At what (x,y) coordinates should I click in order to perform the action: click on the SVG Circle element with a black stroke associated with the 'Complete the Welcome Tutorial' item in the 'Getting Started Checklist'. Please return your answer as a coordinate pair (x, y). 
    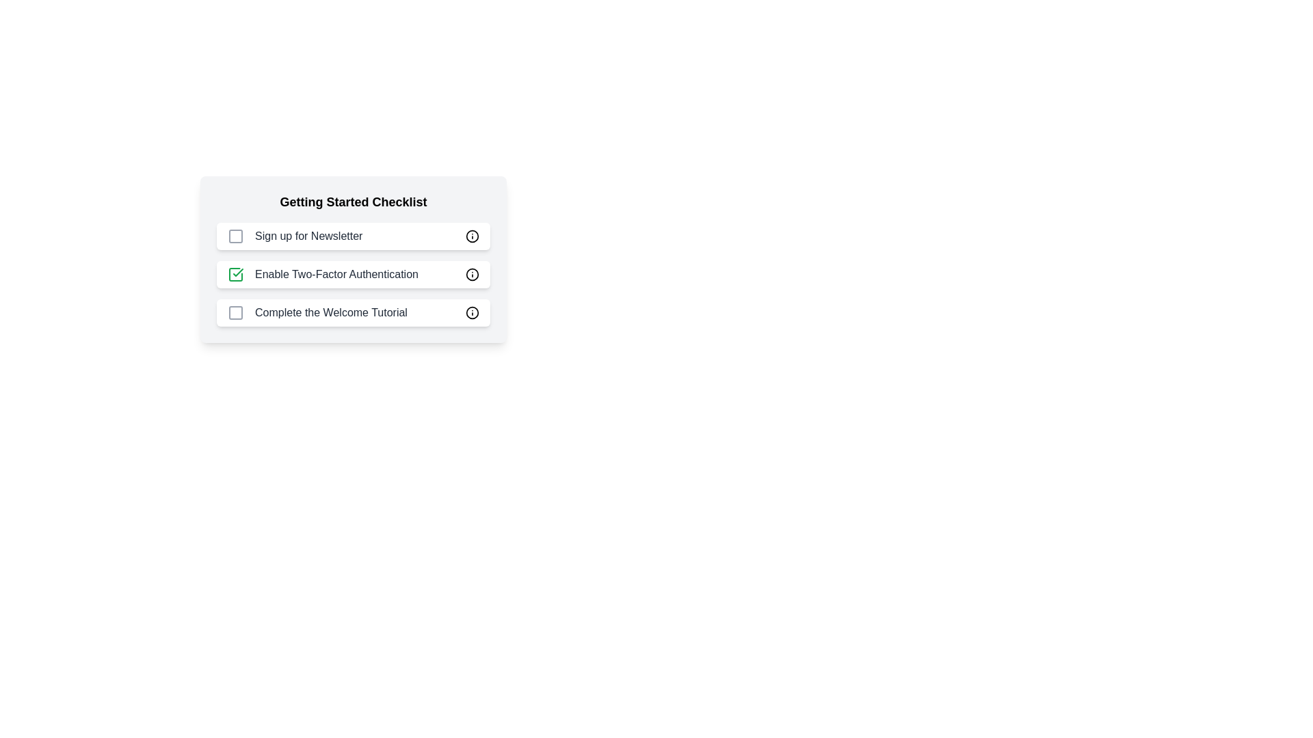
    Looking at the image, I should click on (473, 313).